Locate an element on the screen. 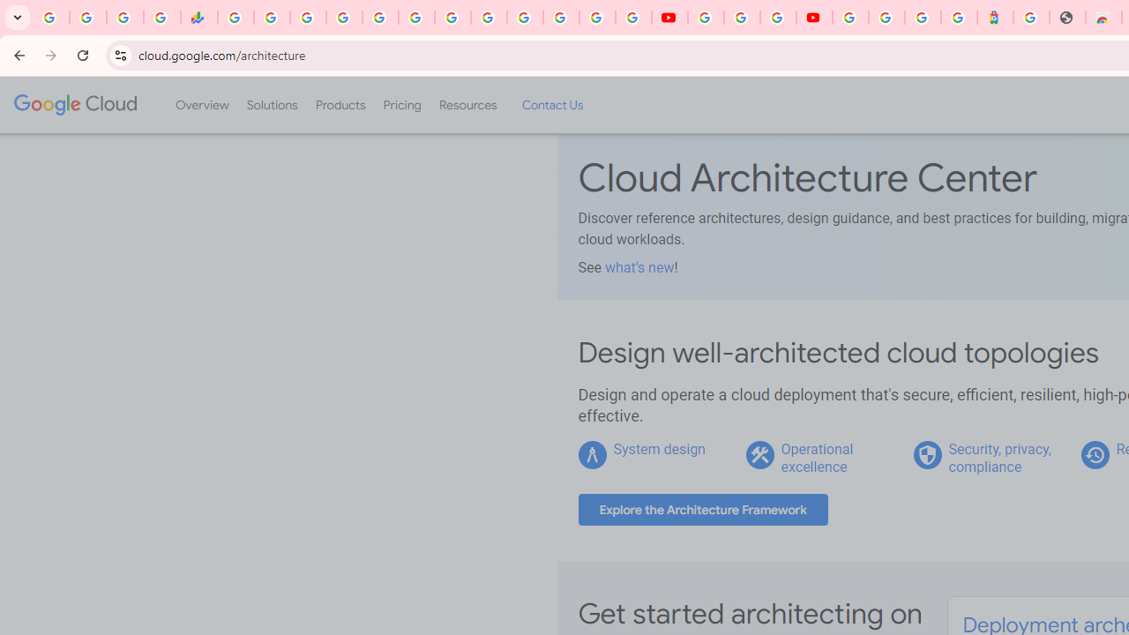  'Products' is located at coordinates (340, 105).